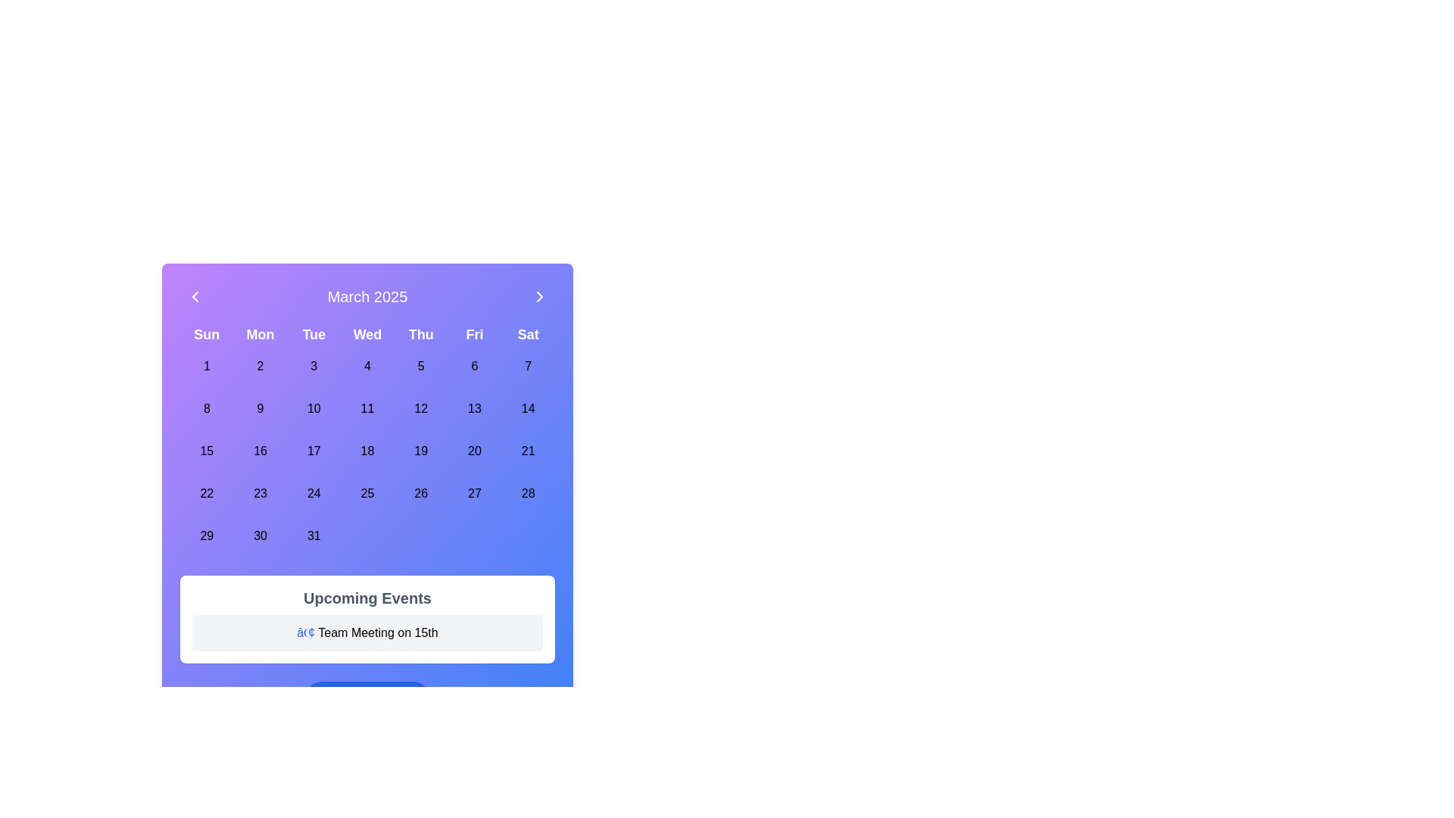 This screenshot has height=818, width=1454. I want to click on the 'Add New Event' button located at the bottom of the calendar-themed interface panel, directly beneath the 'Upcoming Events' section, so click(367, 700).